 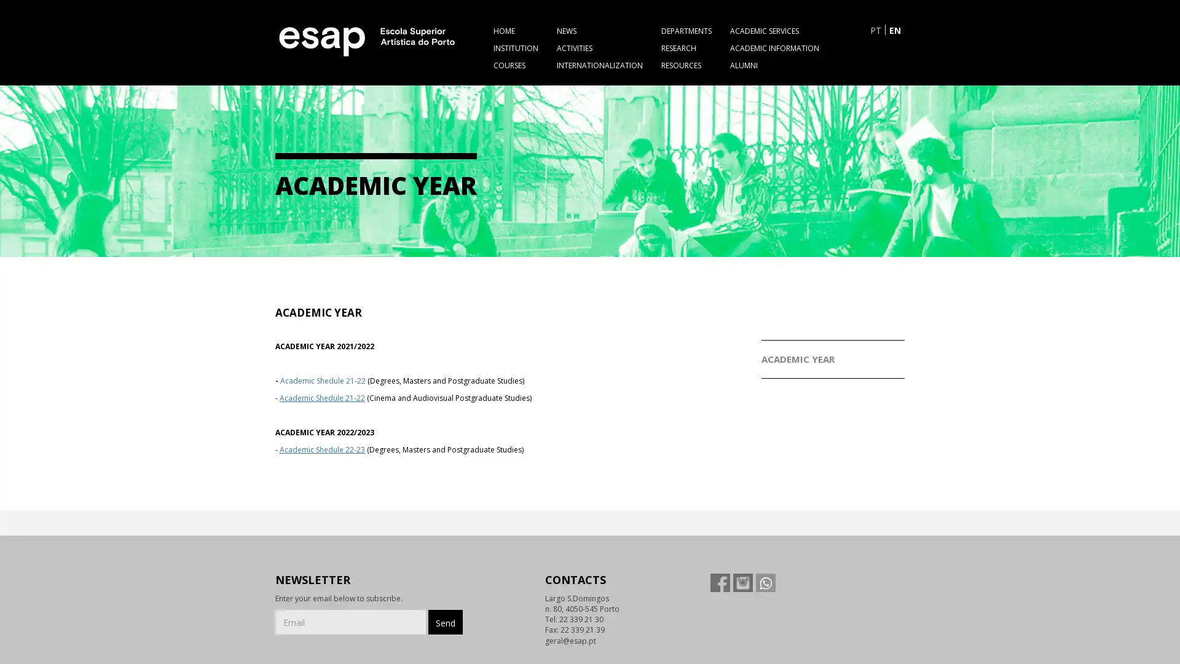 What do you see at coordinates (875, 29) in the screenshot?
I see `PT` at bounding box center [875, 29].